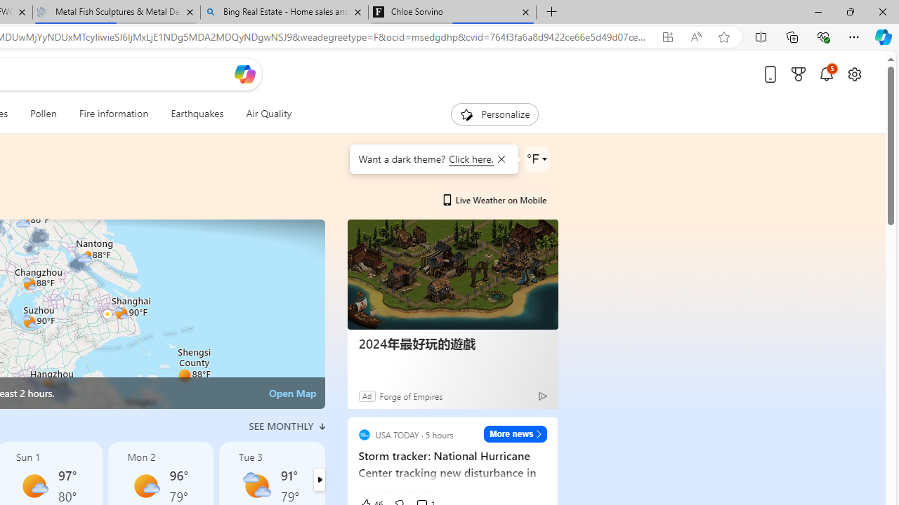  What do you see at coordinates (44, 114) in the screenshot?
I see `'Pollen'` at bounding box center [44, 114].